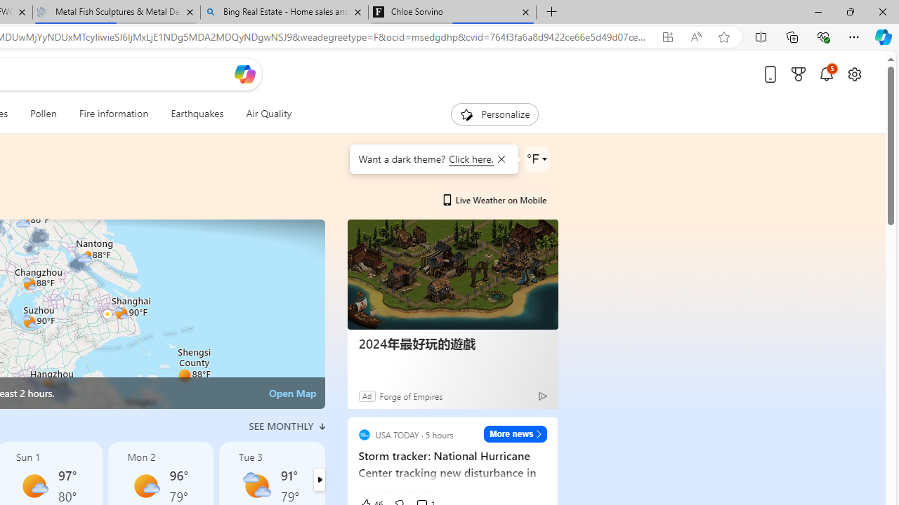  What do you see at coordinates (44, 114) in the screenshot?
I see `'Pollen'` at bounding box center [44, 114].